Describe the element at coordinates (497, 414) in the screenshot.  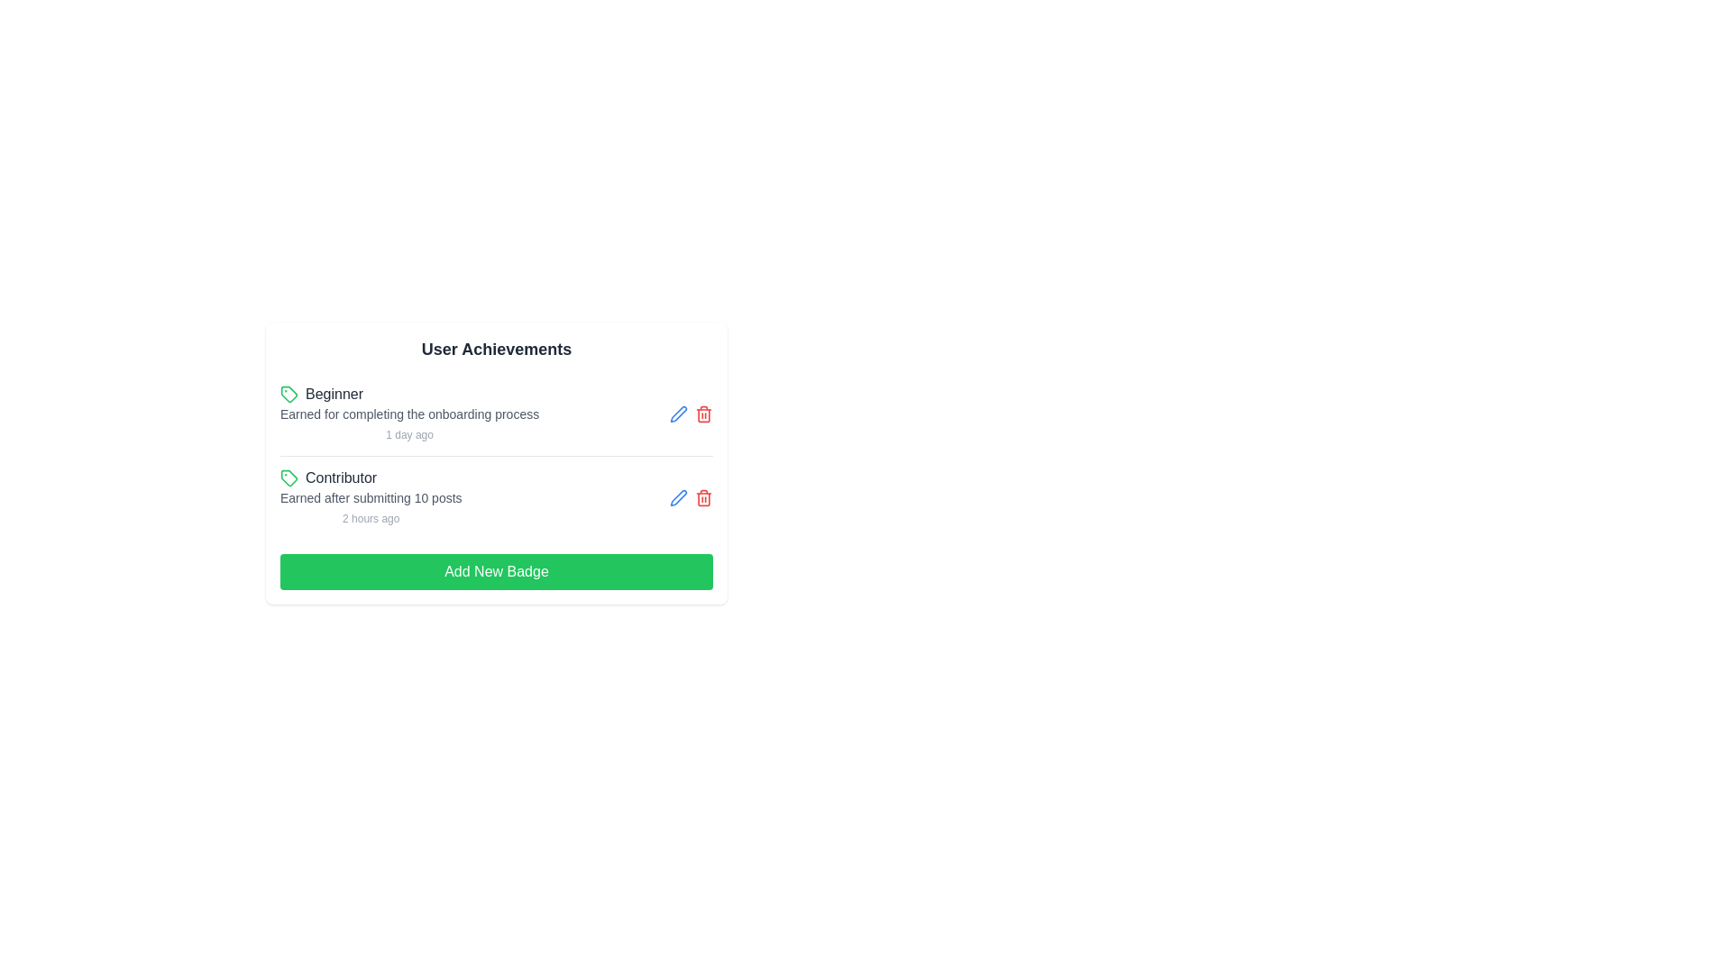
I see `the Achievement Display Row containing the 'Beginner' badge` at that location.